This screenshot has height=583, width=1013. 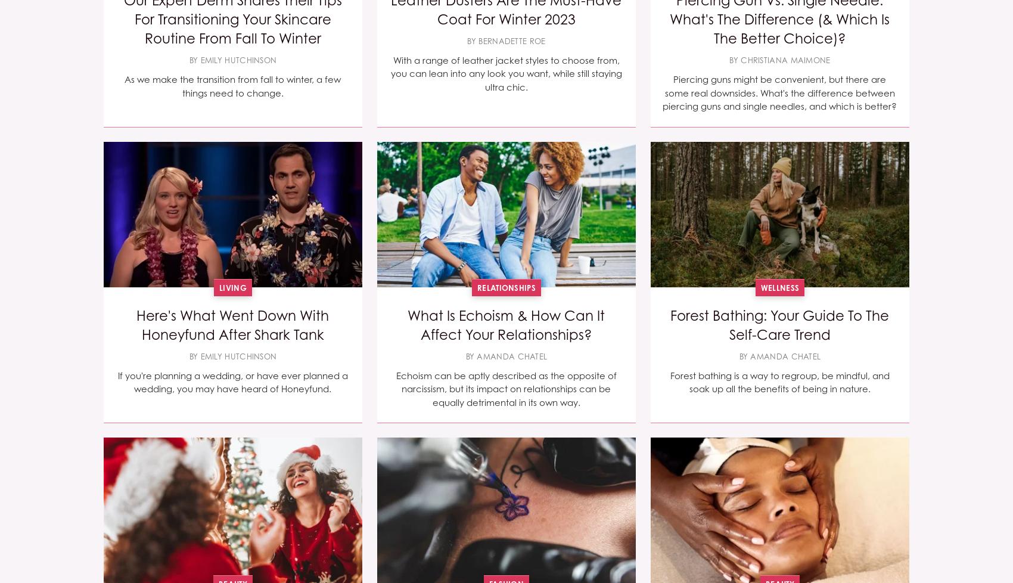 What do you see at coordinates (232, 86) in the screenshot?
I see `'As we make the transition from fall to winter, a few things need to change.'` at bounding box center [232, 86].